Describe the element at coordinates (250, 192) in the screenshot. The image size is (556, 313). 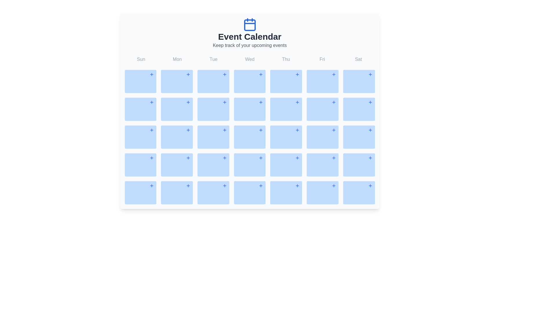
I see `the light blue rectangular grid cell located in the last row and fourth column` at that location.